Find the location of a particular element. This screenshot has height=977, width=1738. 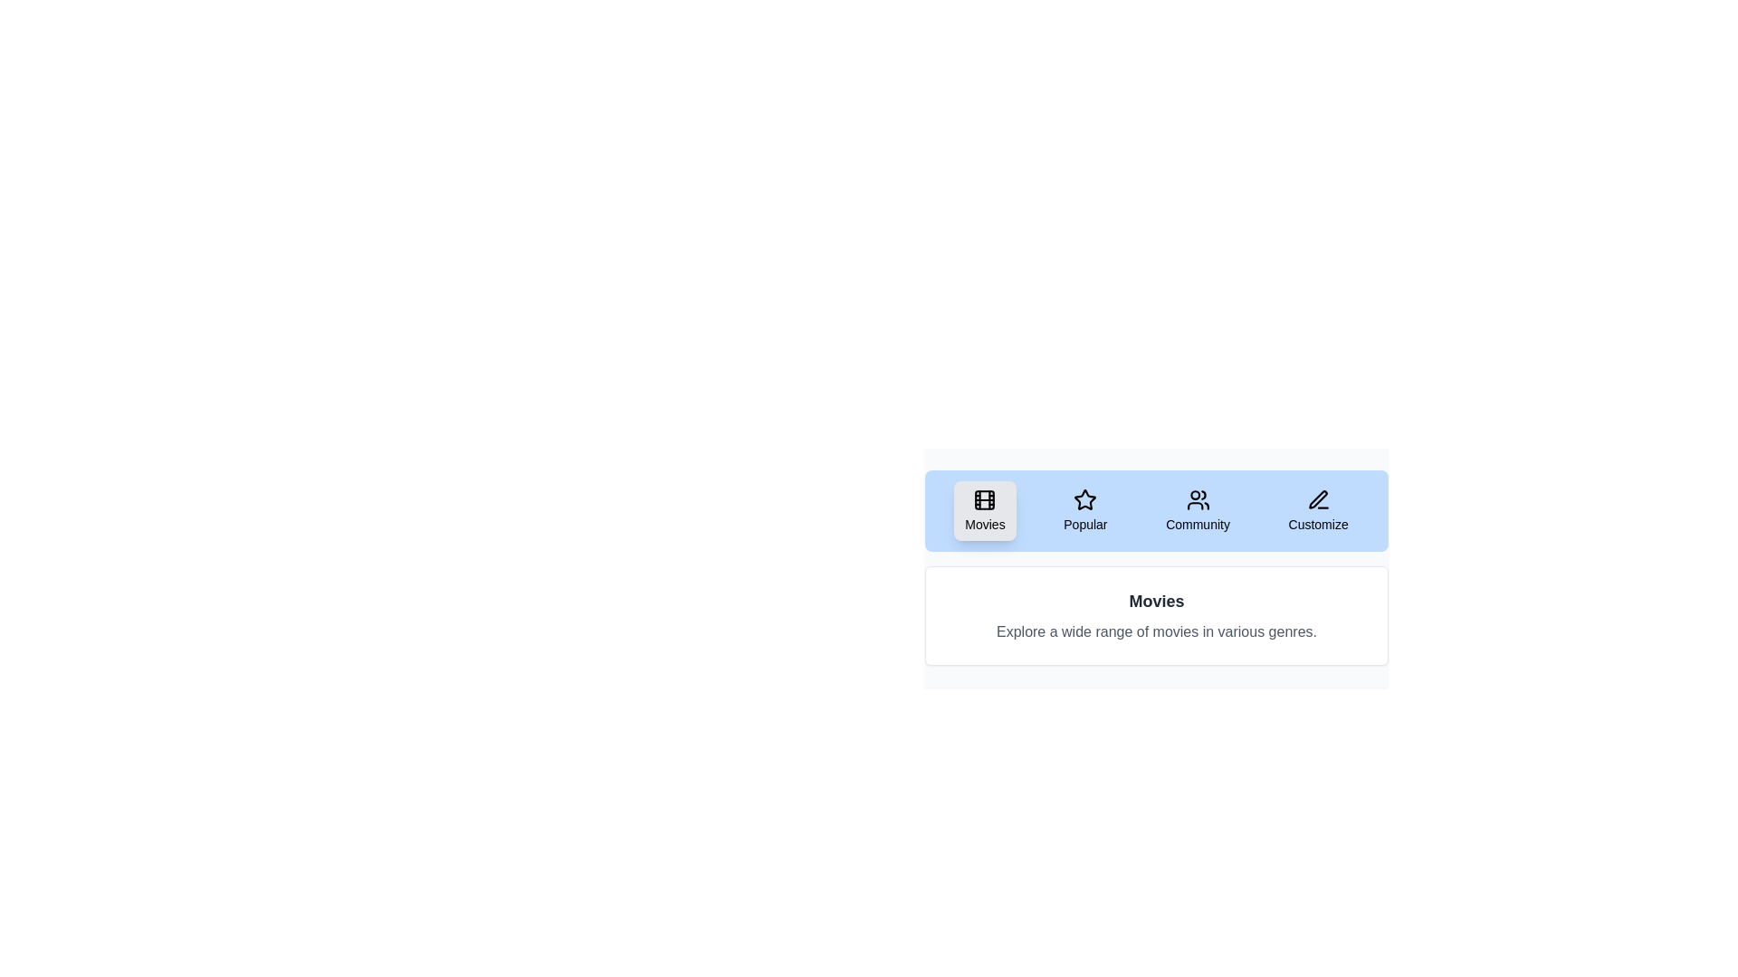

the Community tab to observe its hover effect is located at coordinates (1198, 510).